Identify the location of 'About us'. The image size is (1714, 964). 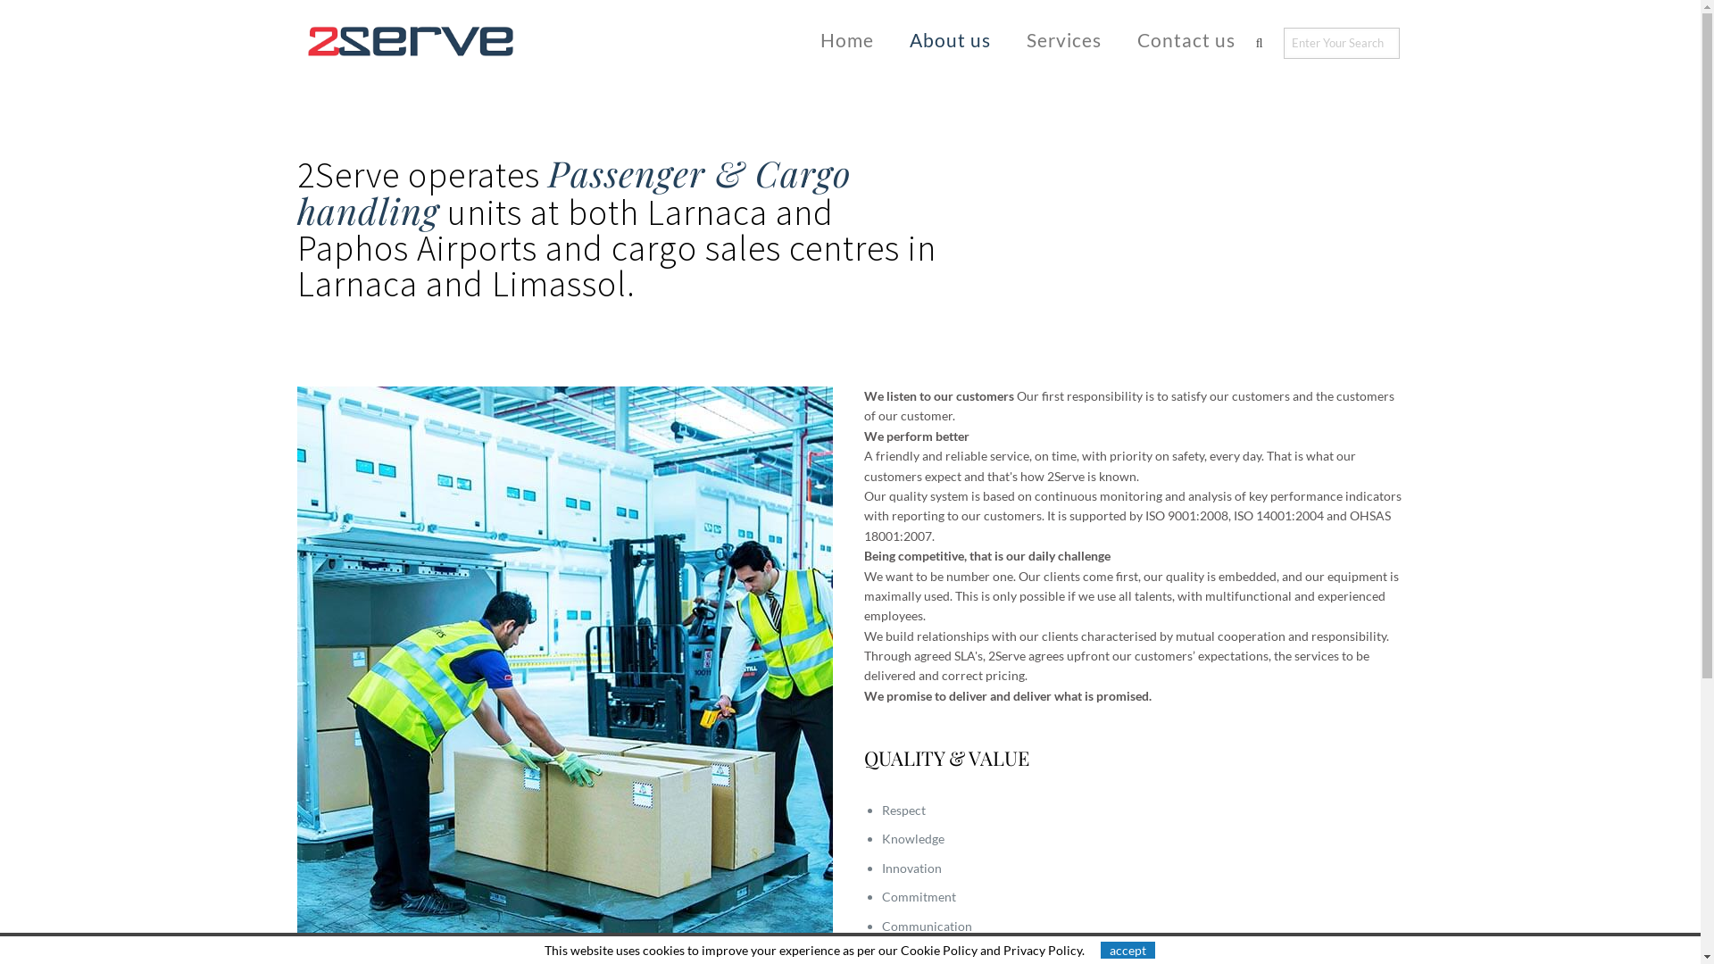
(949, 39).